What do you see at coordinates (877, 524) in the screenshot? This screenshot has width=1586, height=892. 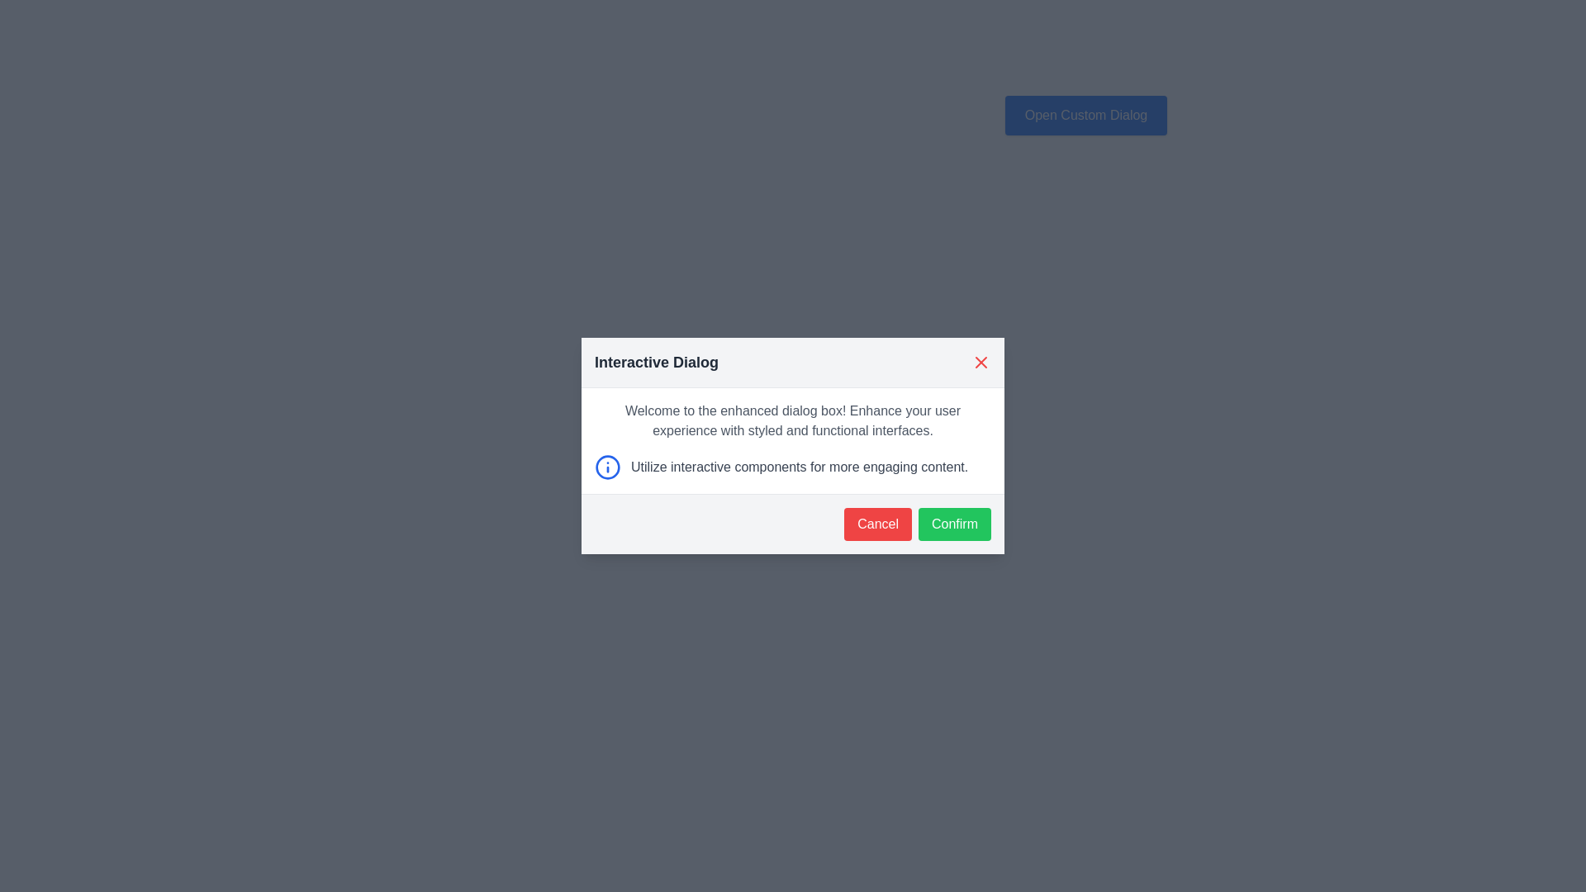 I see `the red rectangular 'Cancel' button with rounded corners to observe its hover effect` at bounding box center [877, 524].